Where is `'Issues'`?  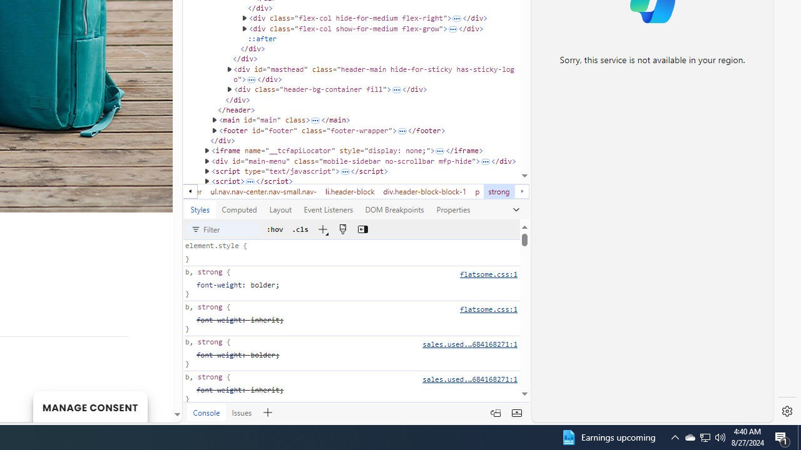
'Issues' is located at coordinates (242, 412).